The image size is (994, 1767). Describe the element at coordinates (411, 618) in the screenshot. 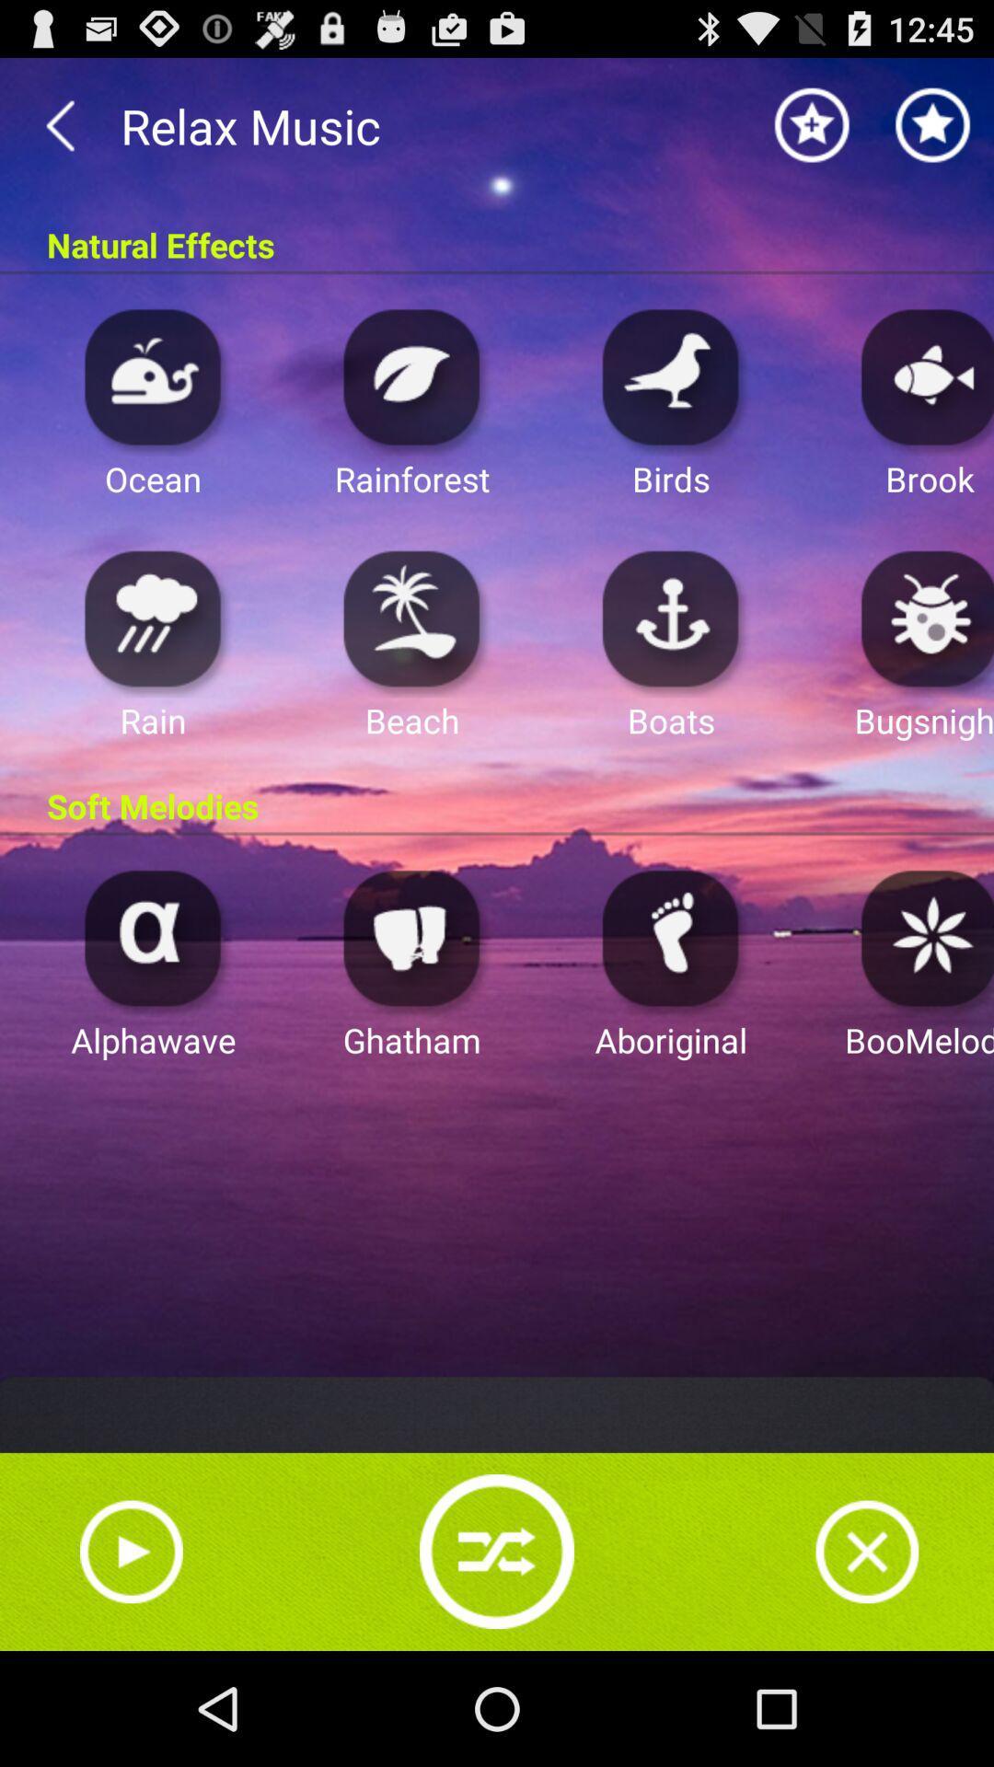

I see `next song beach` at that location.